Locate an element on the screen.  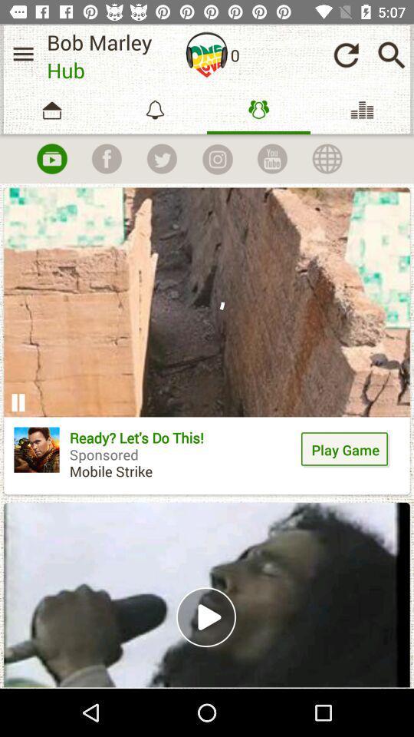
search is located at coordinates (391, 55).